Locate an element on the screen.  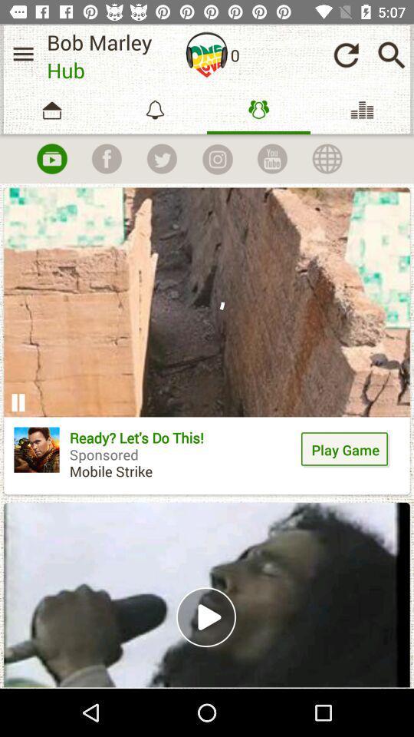
search is located at coordinates (391, 55).